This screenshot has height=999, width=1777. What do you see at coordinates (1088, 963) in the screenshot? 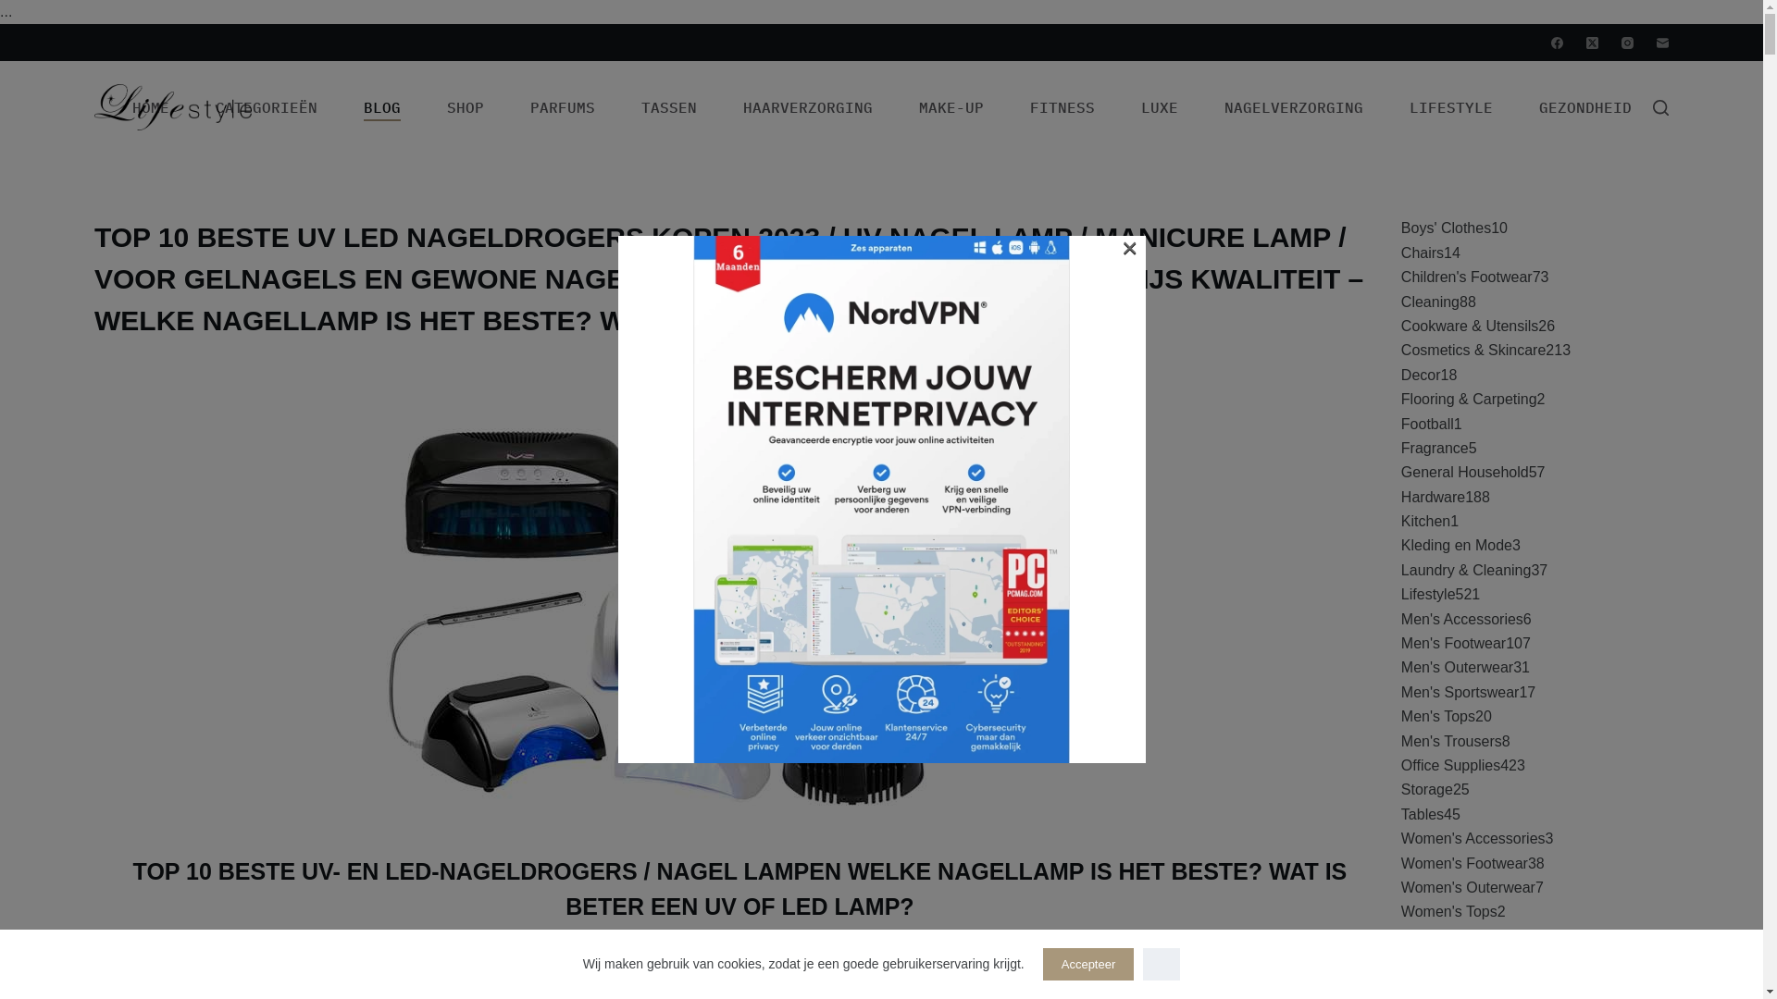
I see `'Accepteer'` at bounding box center [1088, 963].